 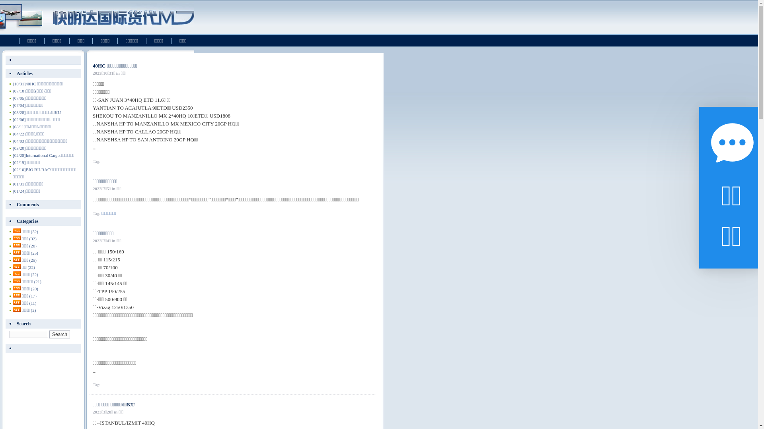 What do you see at coordinates (17, 237) in the screenshot?
I see `'rss'` at bounding box center [17, 237].